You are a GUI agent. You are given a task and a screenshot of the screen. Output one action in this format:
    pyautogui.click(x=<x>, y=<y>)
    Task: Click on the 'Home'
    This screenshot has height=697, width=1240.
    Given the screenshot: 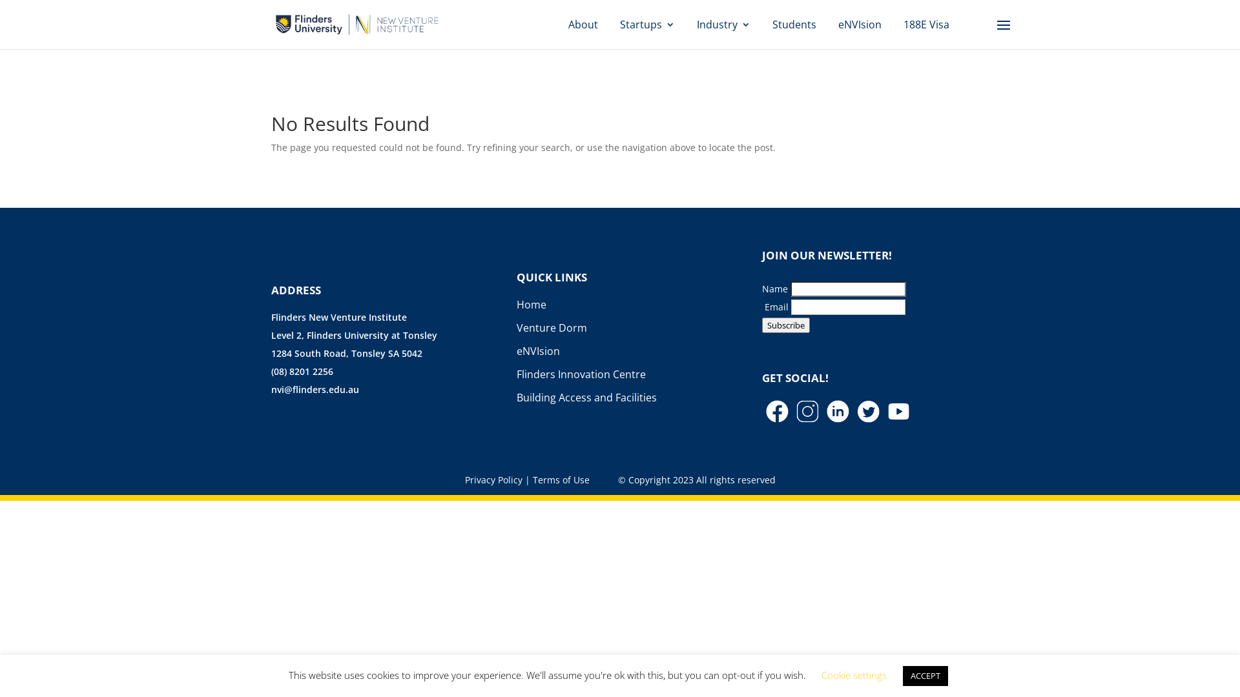 What is the action you would take?
    pyautogui.click(x=531, y=304)
    